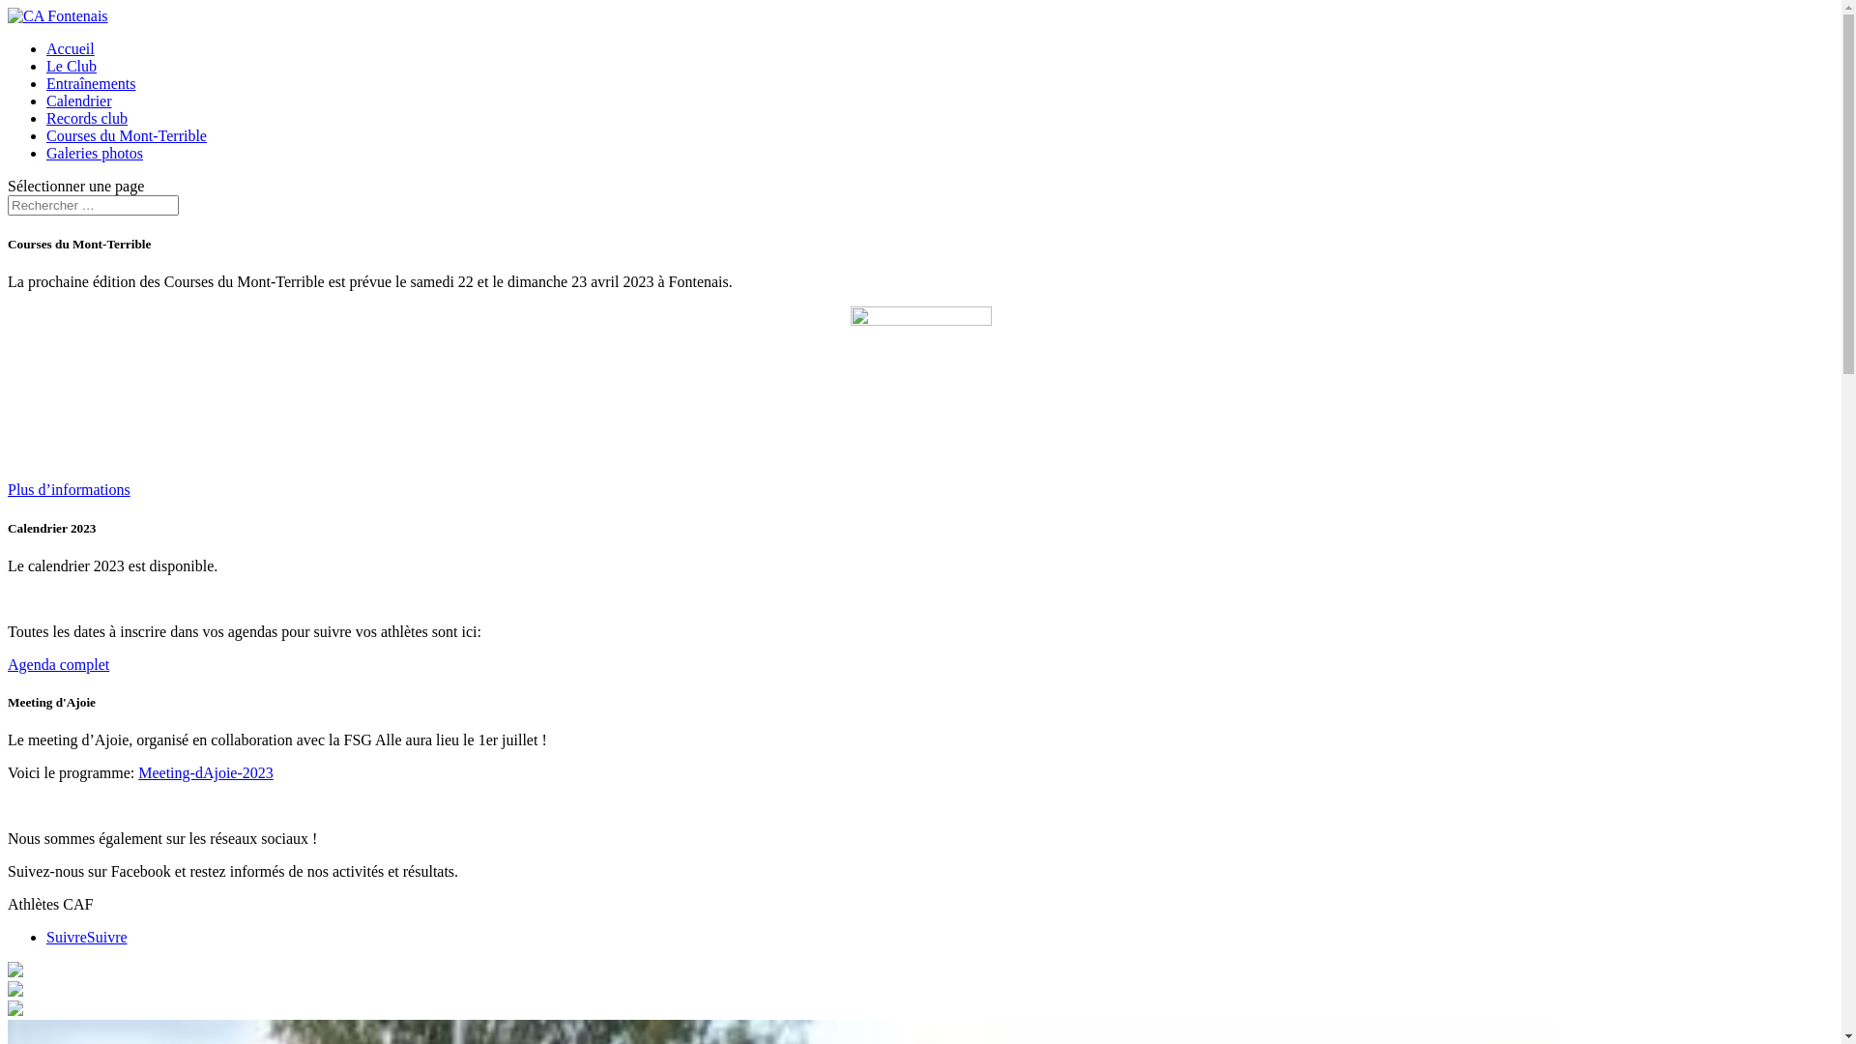 This screenshot has height=1044, width=1856. I want to click on 'Agenda complet', so click(58, 663).